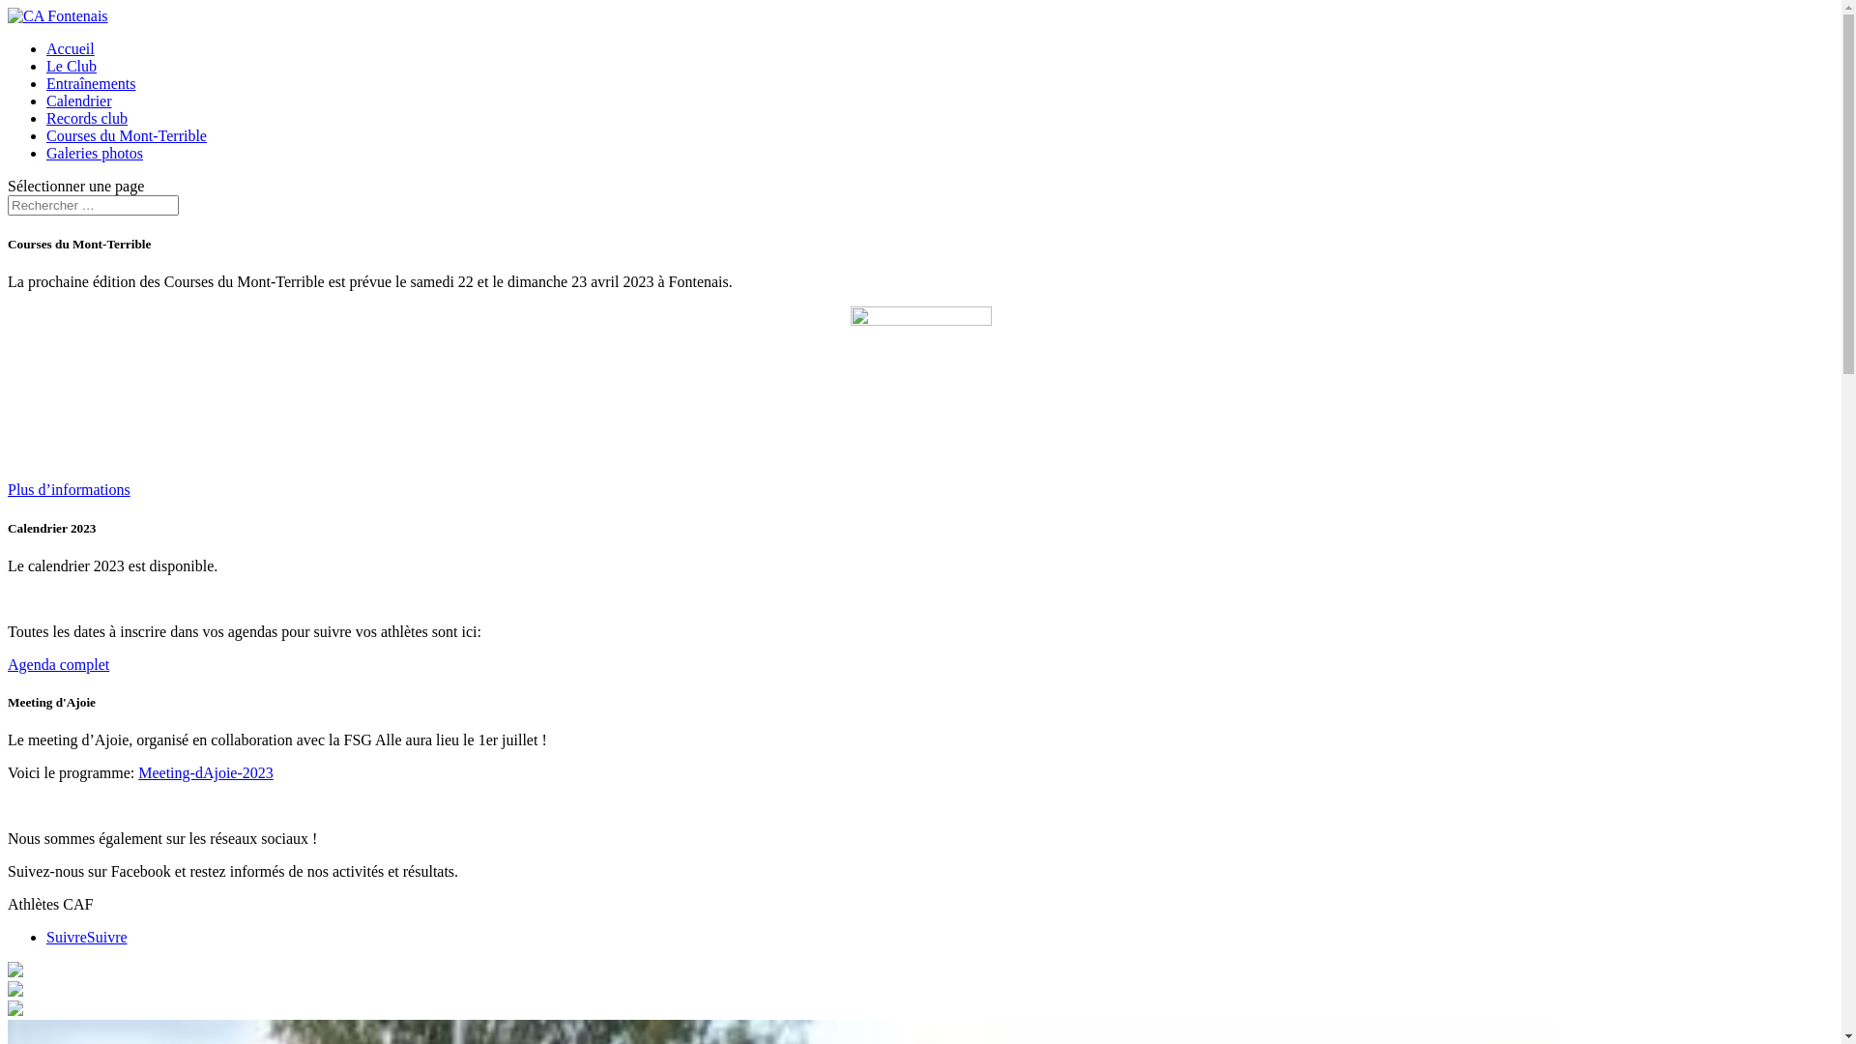 This screenshot has height=1044, width=1856. I want to click on 'Agenda complet', so click(58, 663).